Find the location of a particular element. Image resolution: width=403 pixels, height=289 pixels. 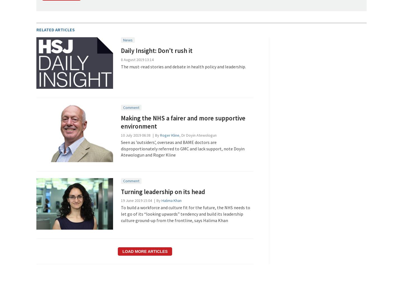

'8 August 2019 13:14' is located at coordinates (137, 59).